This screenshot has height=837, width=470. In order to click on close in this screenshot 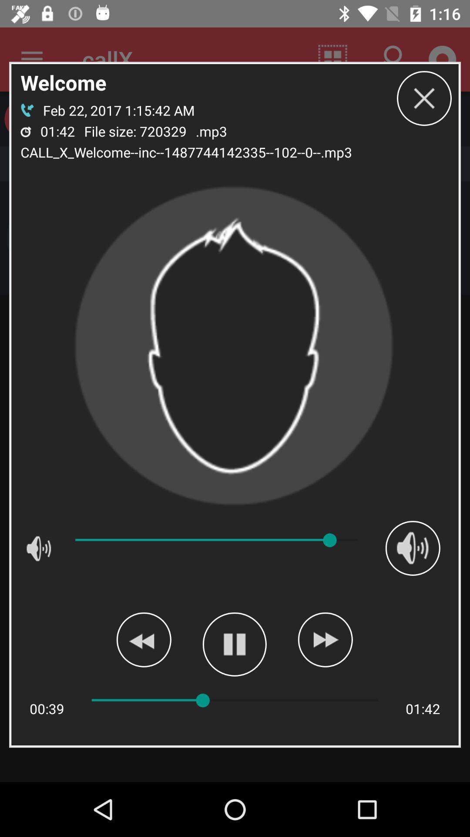, I will do `click(424, 98)`.